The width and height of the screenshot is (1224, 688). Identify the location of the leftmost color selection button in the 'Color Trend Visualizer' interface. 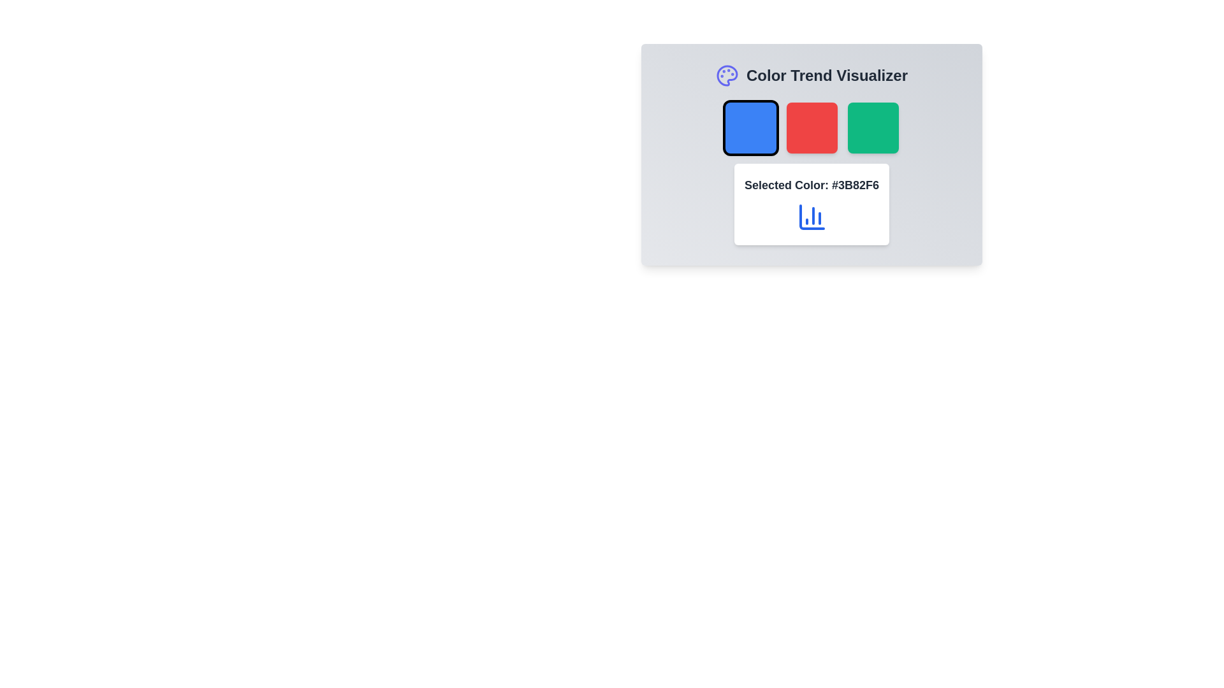
(750, 127).